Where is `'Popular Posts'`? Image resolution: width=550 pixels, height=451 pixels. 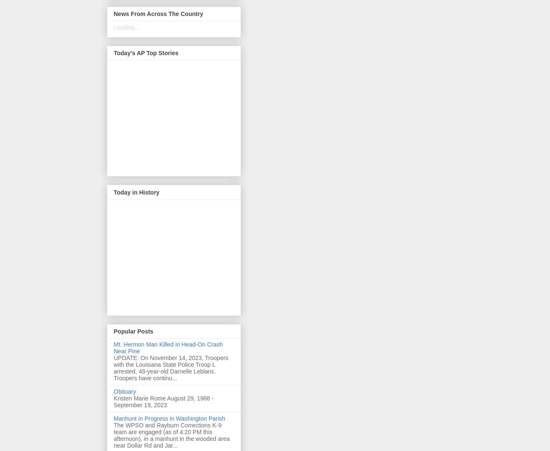 'Popular Posts' is located at coordinates (113, 331).